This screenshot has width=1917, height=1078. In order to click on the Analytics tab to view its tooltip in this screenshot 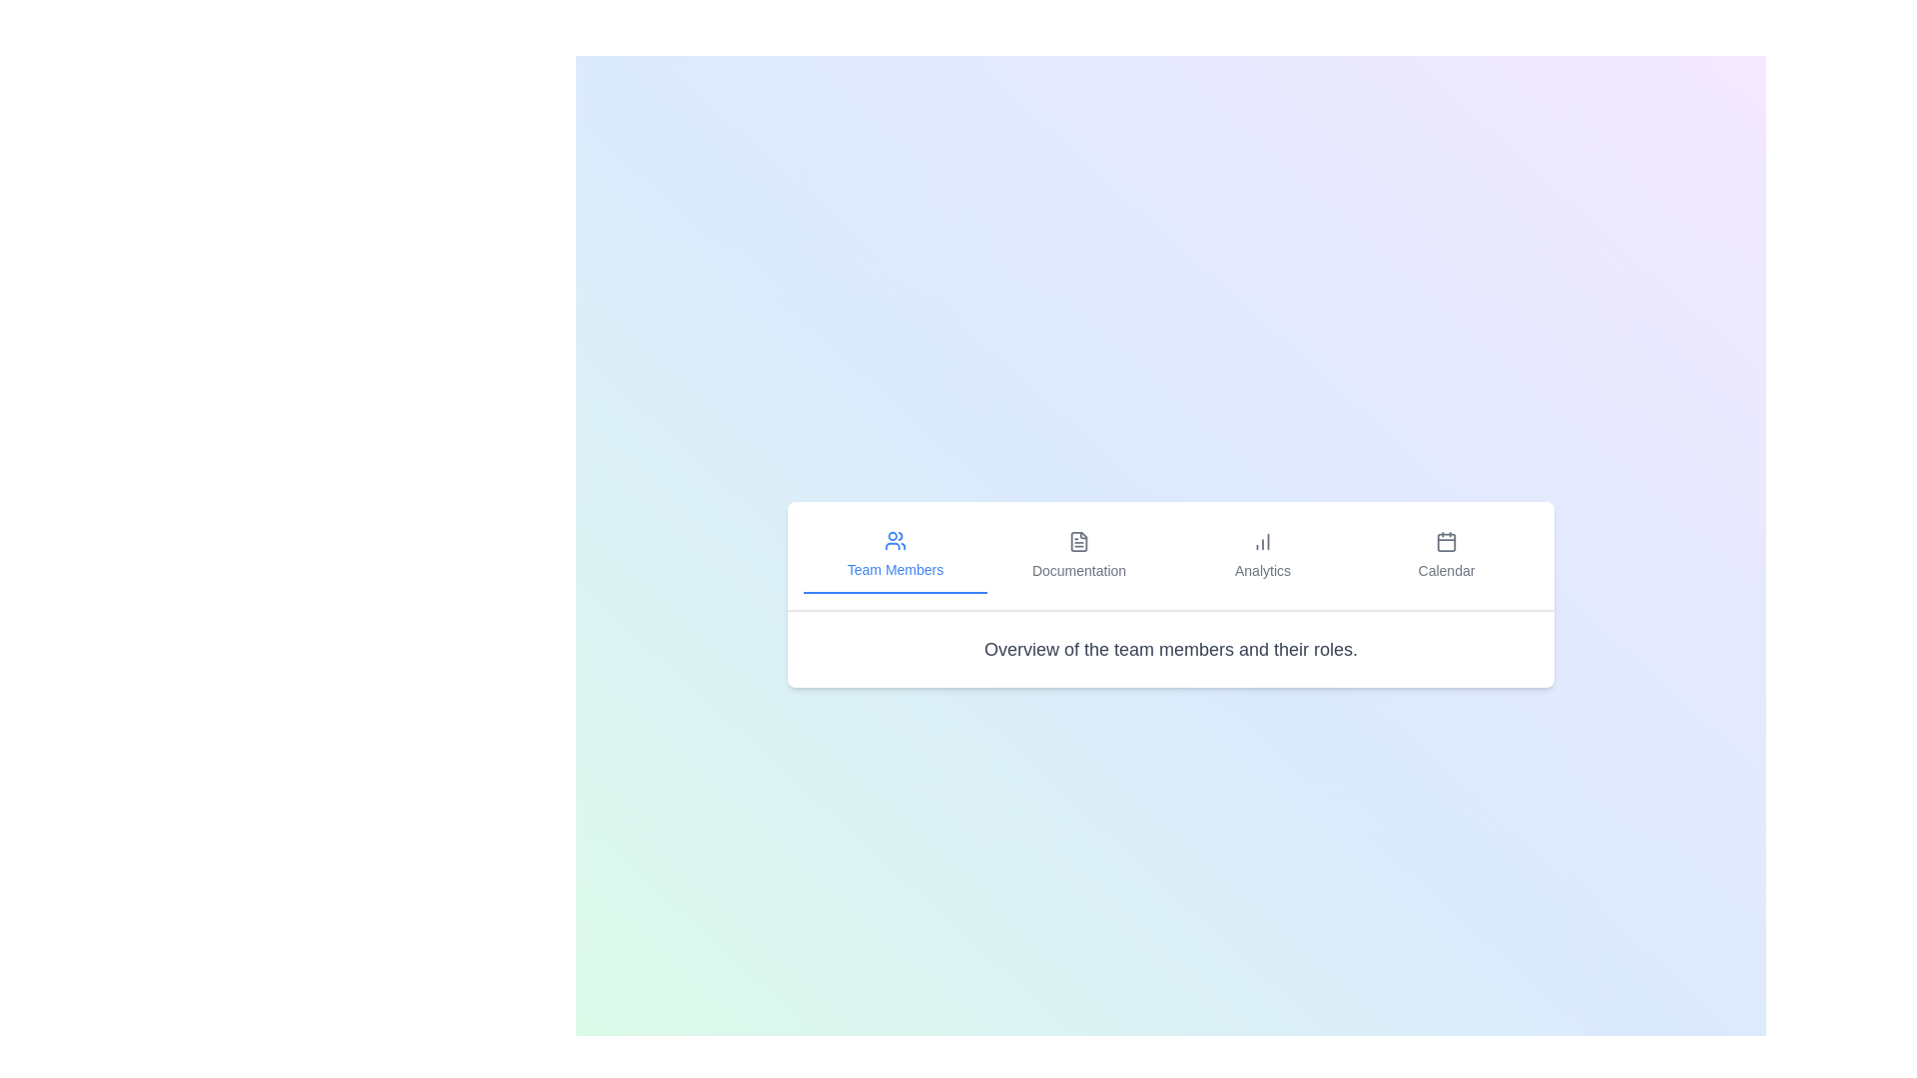, I will do `click(1262, 555)`.